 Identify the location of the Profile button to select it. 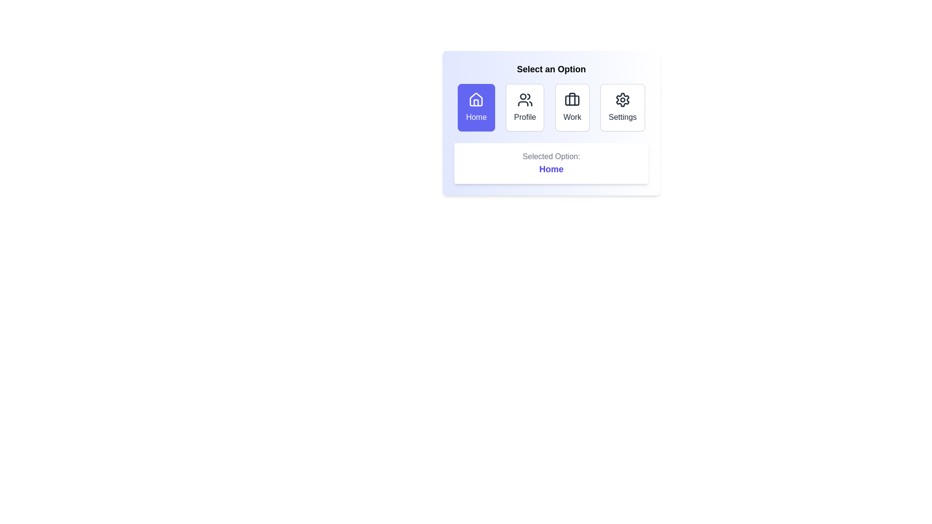
(524, 108).